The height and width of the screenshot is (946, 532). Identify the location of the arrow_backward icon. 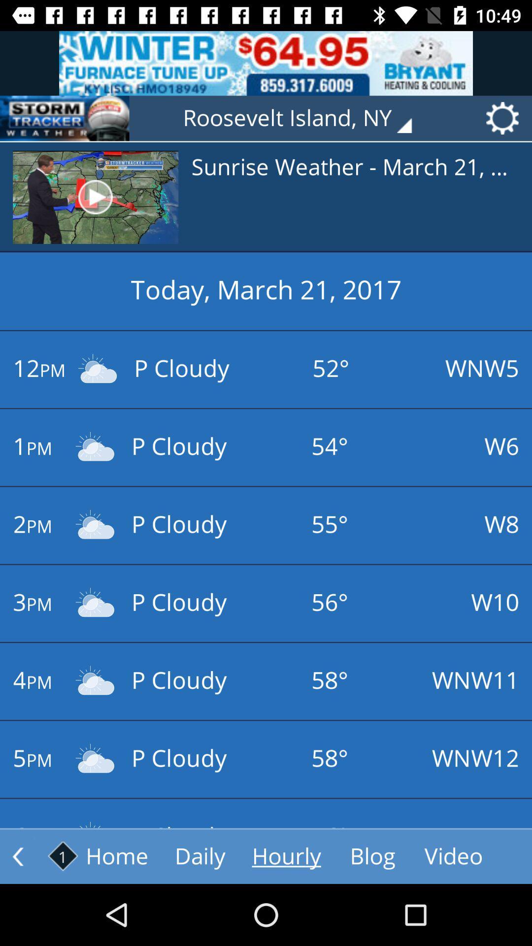
(18, 856).